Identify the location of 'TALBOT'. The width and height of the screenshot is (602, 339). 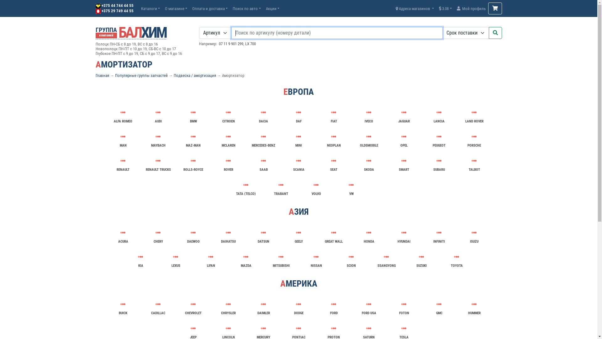
(468, 160).